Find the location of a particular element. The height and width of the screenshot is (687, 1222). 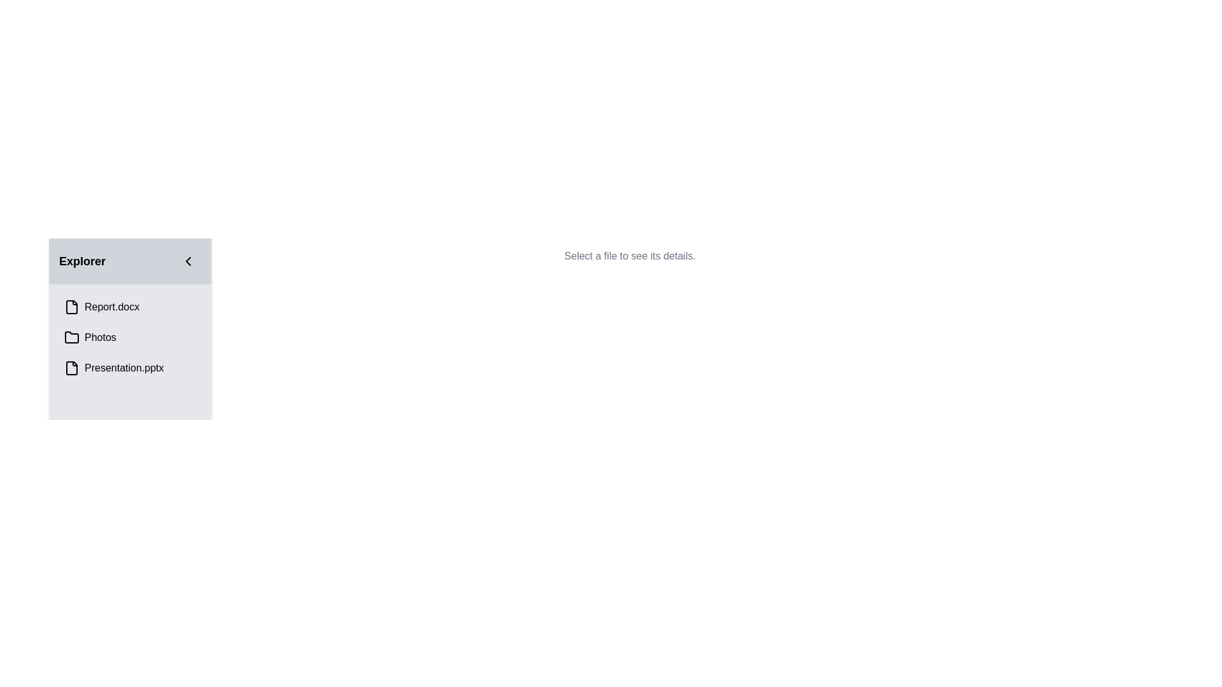

the third list item representing the file named 'Presentation.pptx' in the sidebar is located at coordinates (130, 368).